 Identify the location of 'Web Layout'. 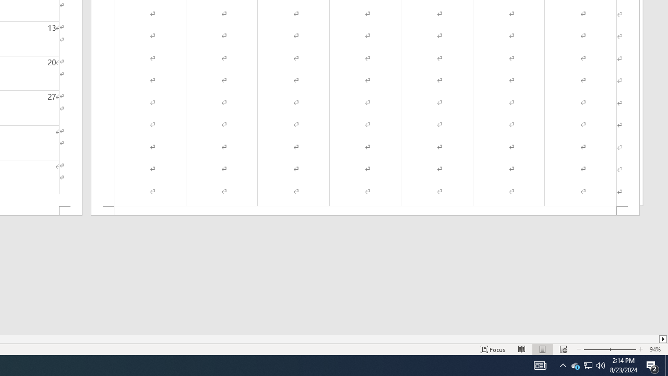
(563, 349).